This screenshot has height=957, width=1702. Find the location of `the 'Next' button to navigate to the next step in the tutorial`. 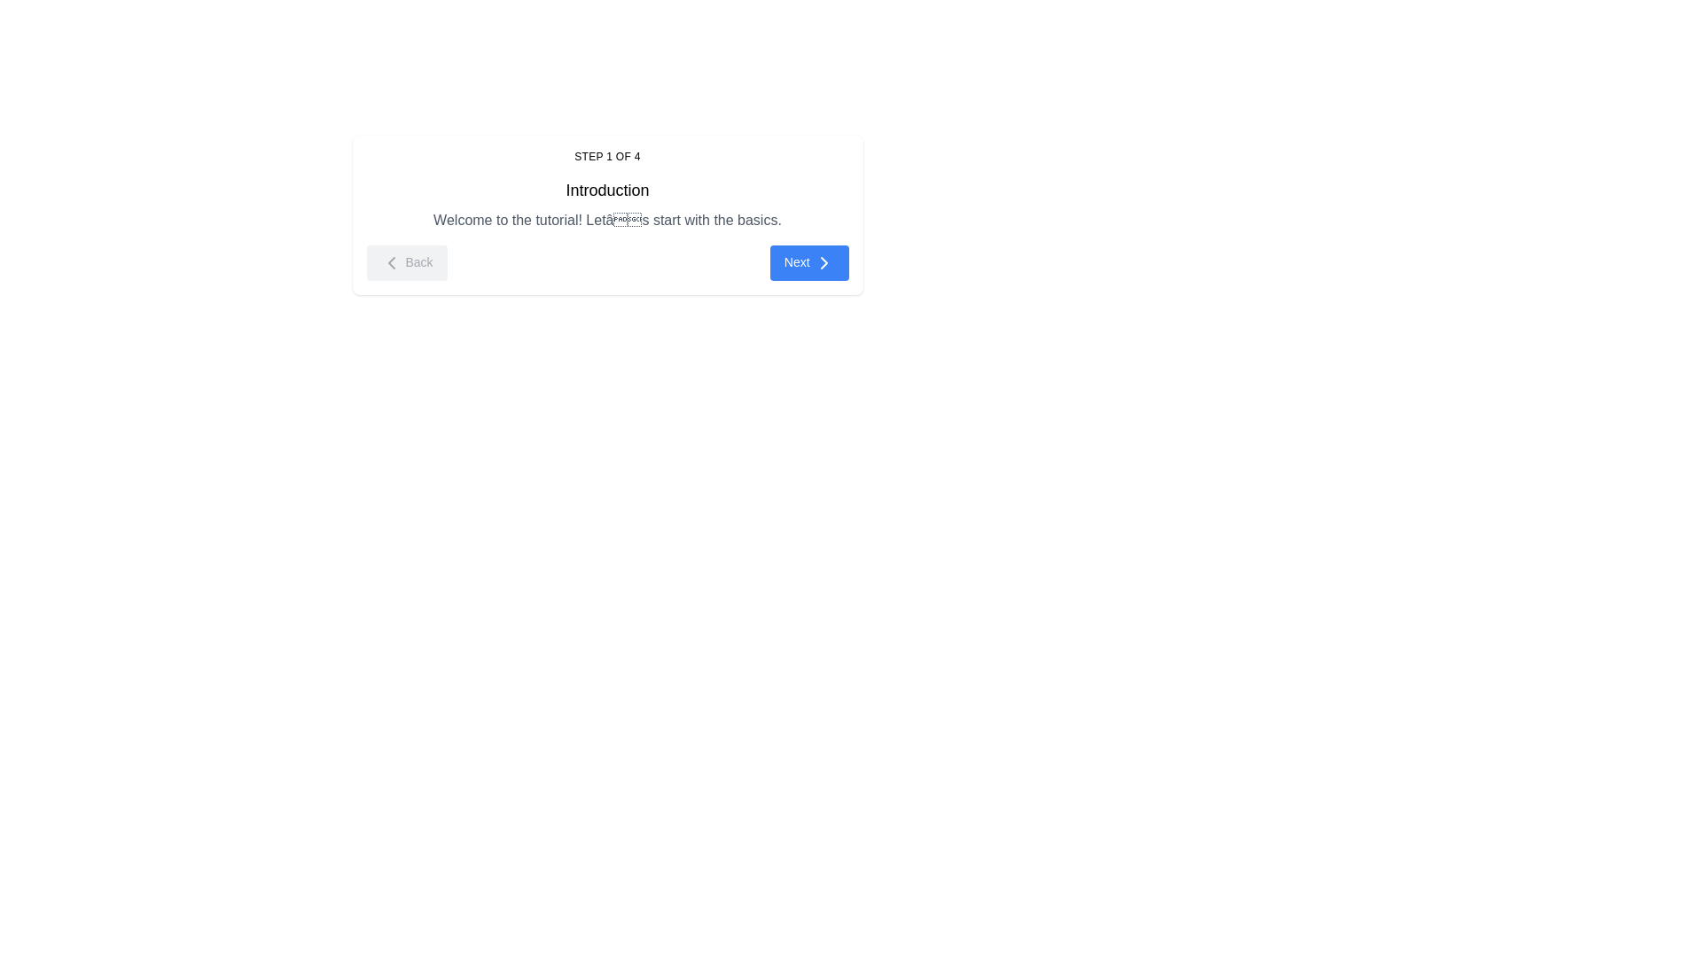

the 'Next' button to navigate to the next step in the tutorial is located at coordinates (808, 263).